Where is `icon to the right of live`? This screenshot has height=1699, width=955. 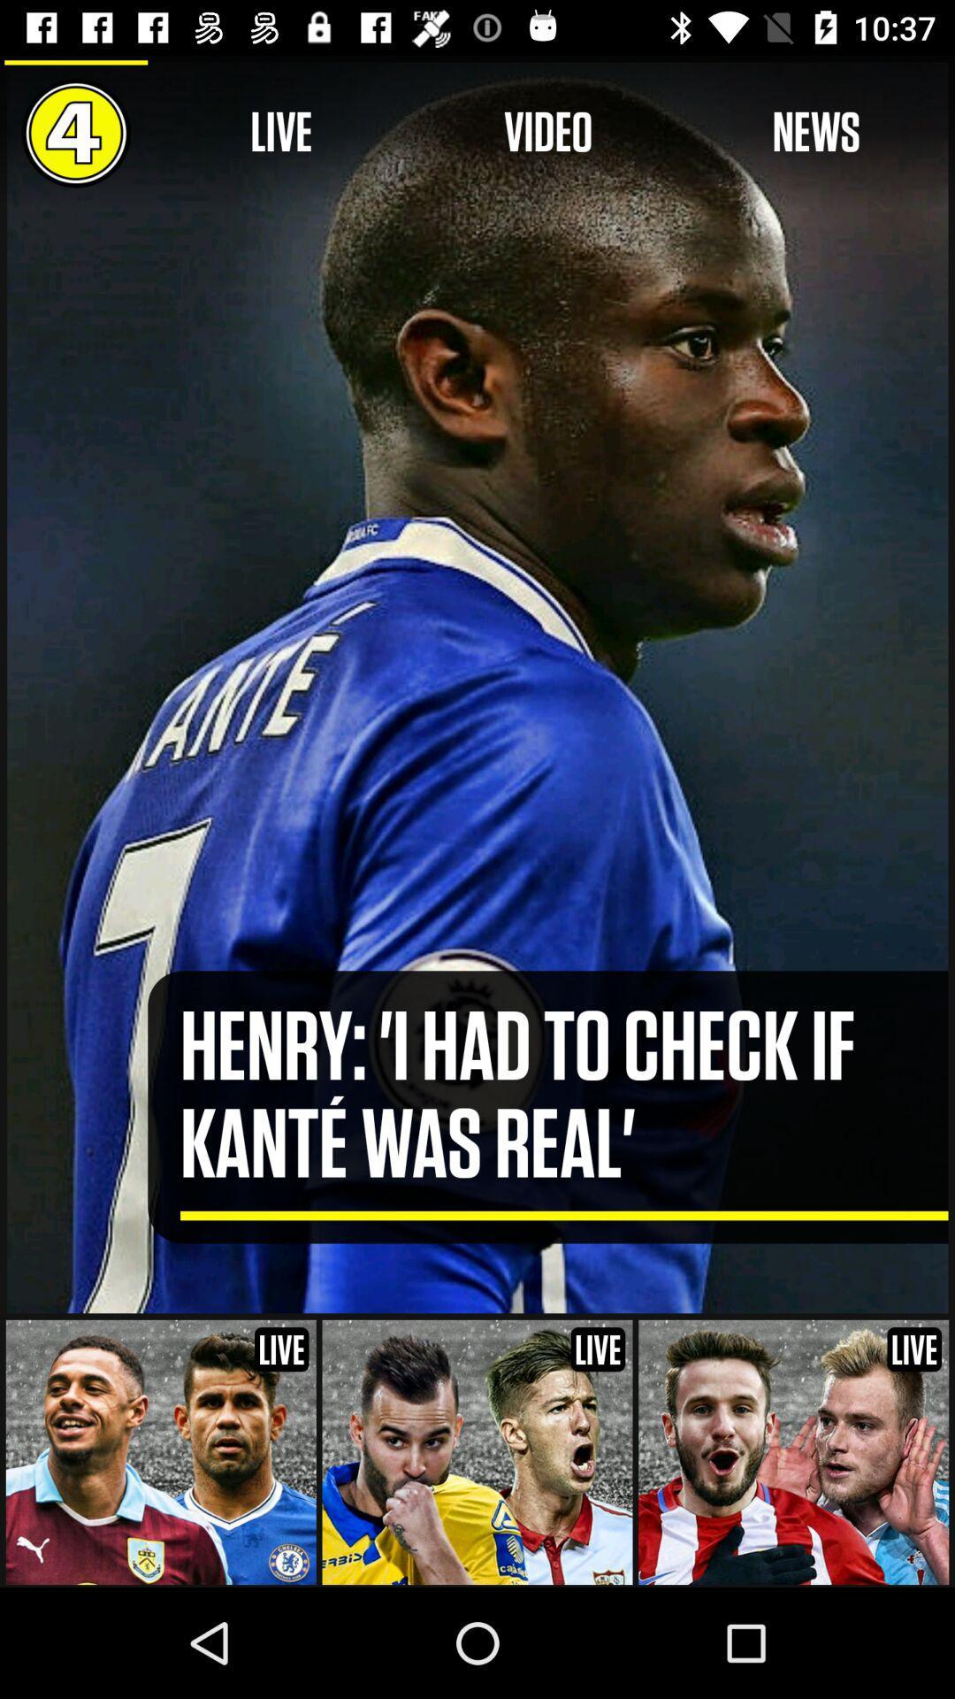
icon to the right of live is located at coordinates (547, 132).